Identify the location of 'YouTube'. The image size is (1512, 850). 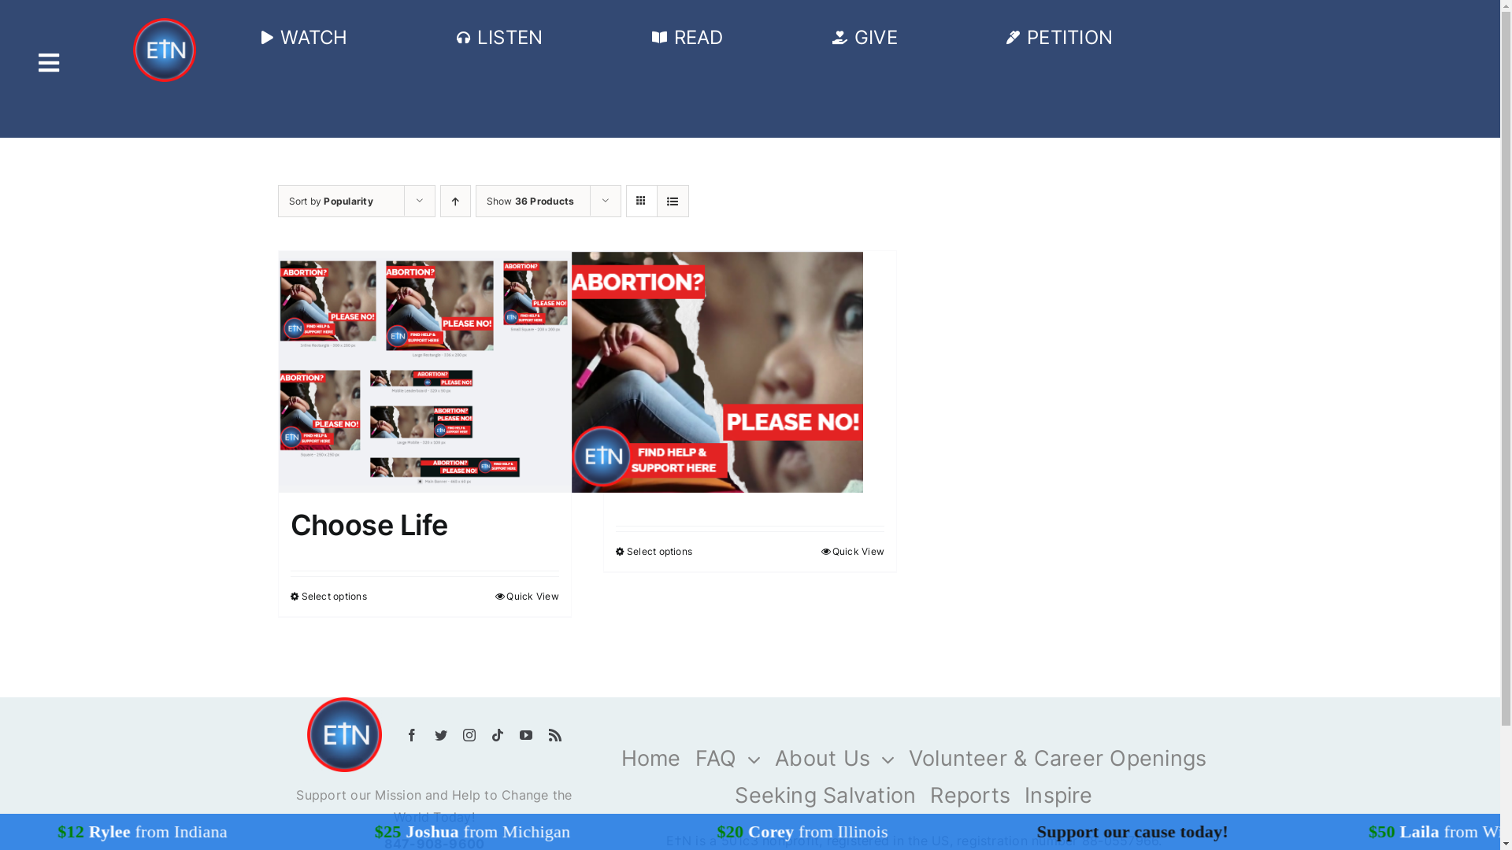
(525, 734).